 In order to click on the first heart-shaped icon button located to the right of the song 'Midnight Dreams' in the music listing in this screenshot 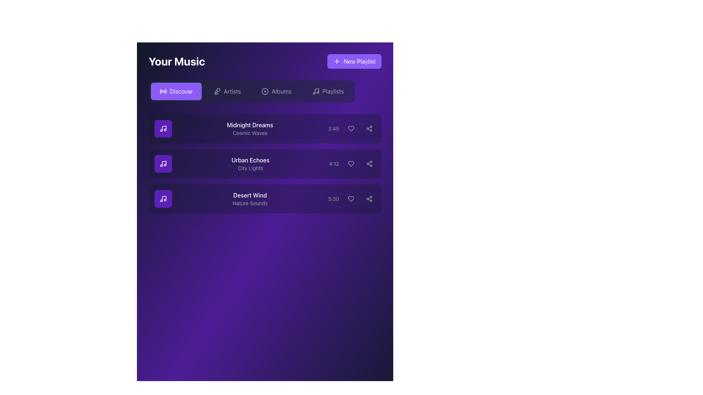, I will do `click(351, 128)`.